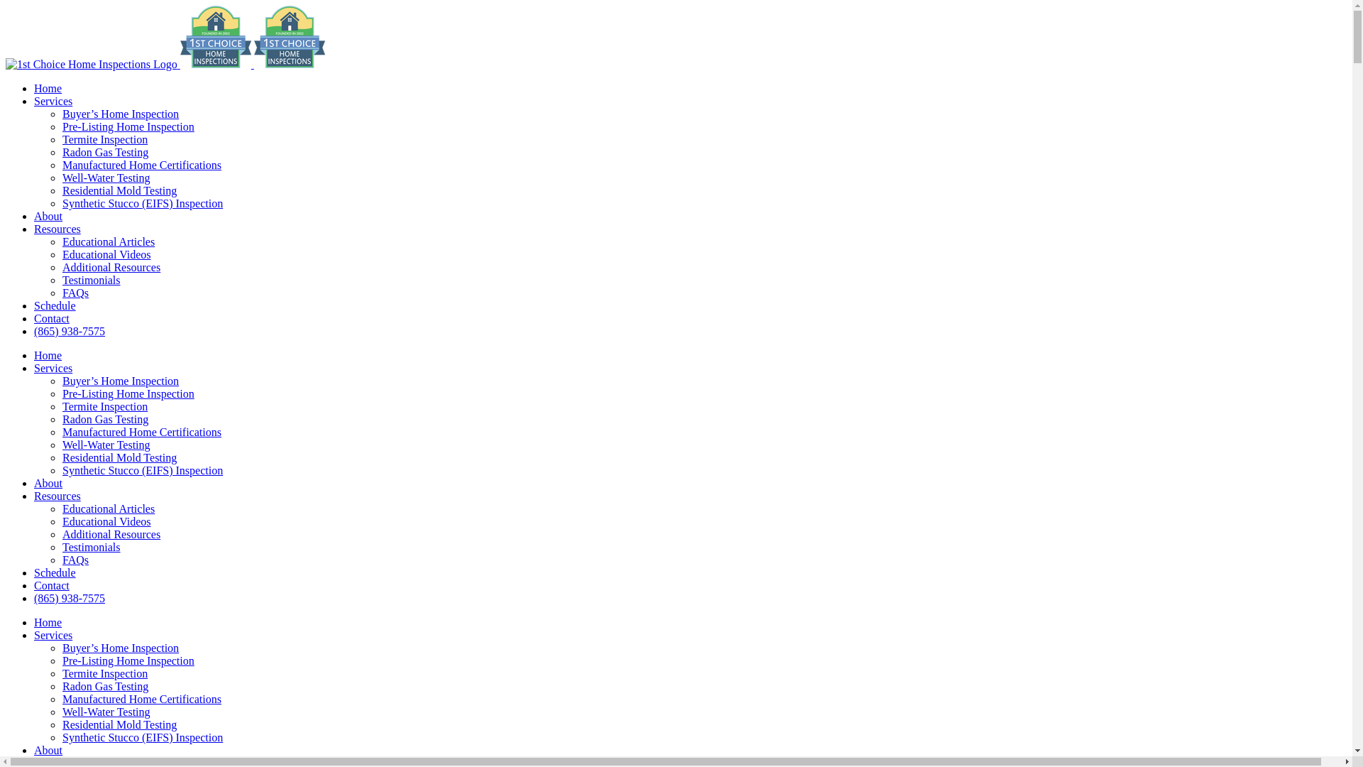 The image size is (1363, 767). Describe the element at coordinates (143, 203) in the screenshot. I see `'Synthetic Stucco (EIFS) Inspection'` at that location.